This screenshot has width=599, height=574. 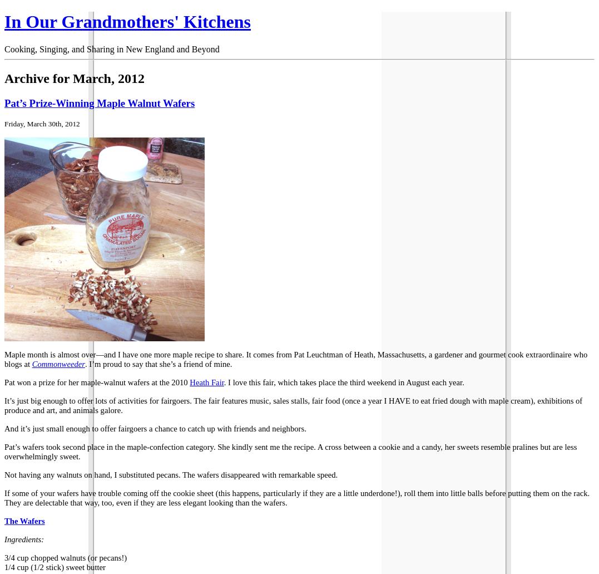 I want to click on 'Pat’s wafers took second place in the maple-confection category. She kindly sent me the recipe. A cross between a cookie and a candy, her sweets resemble pralines but are less overwhelmingly sweet.', so click(x=290, y=451).